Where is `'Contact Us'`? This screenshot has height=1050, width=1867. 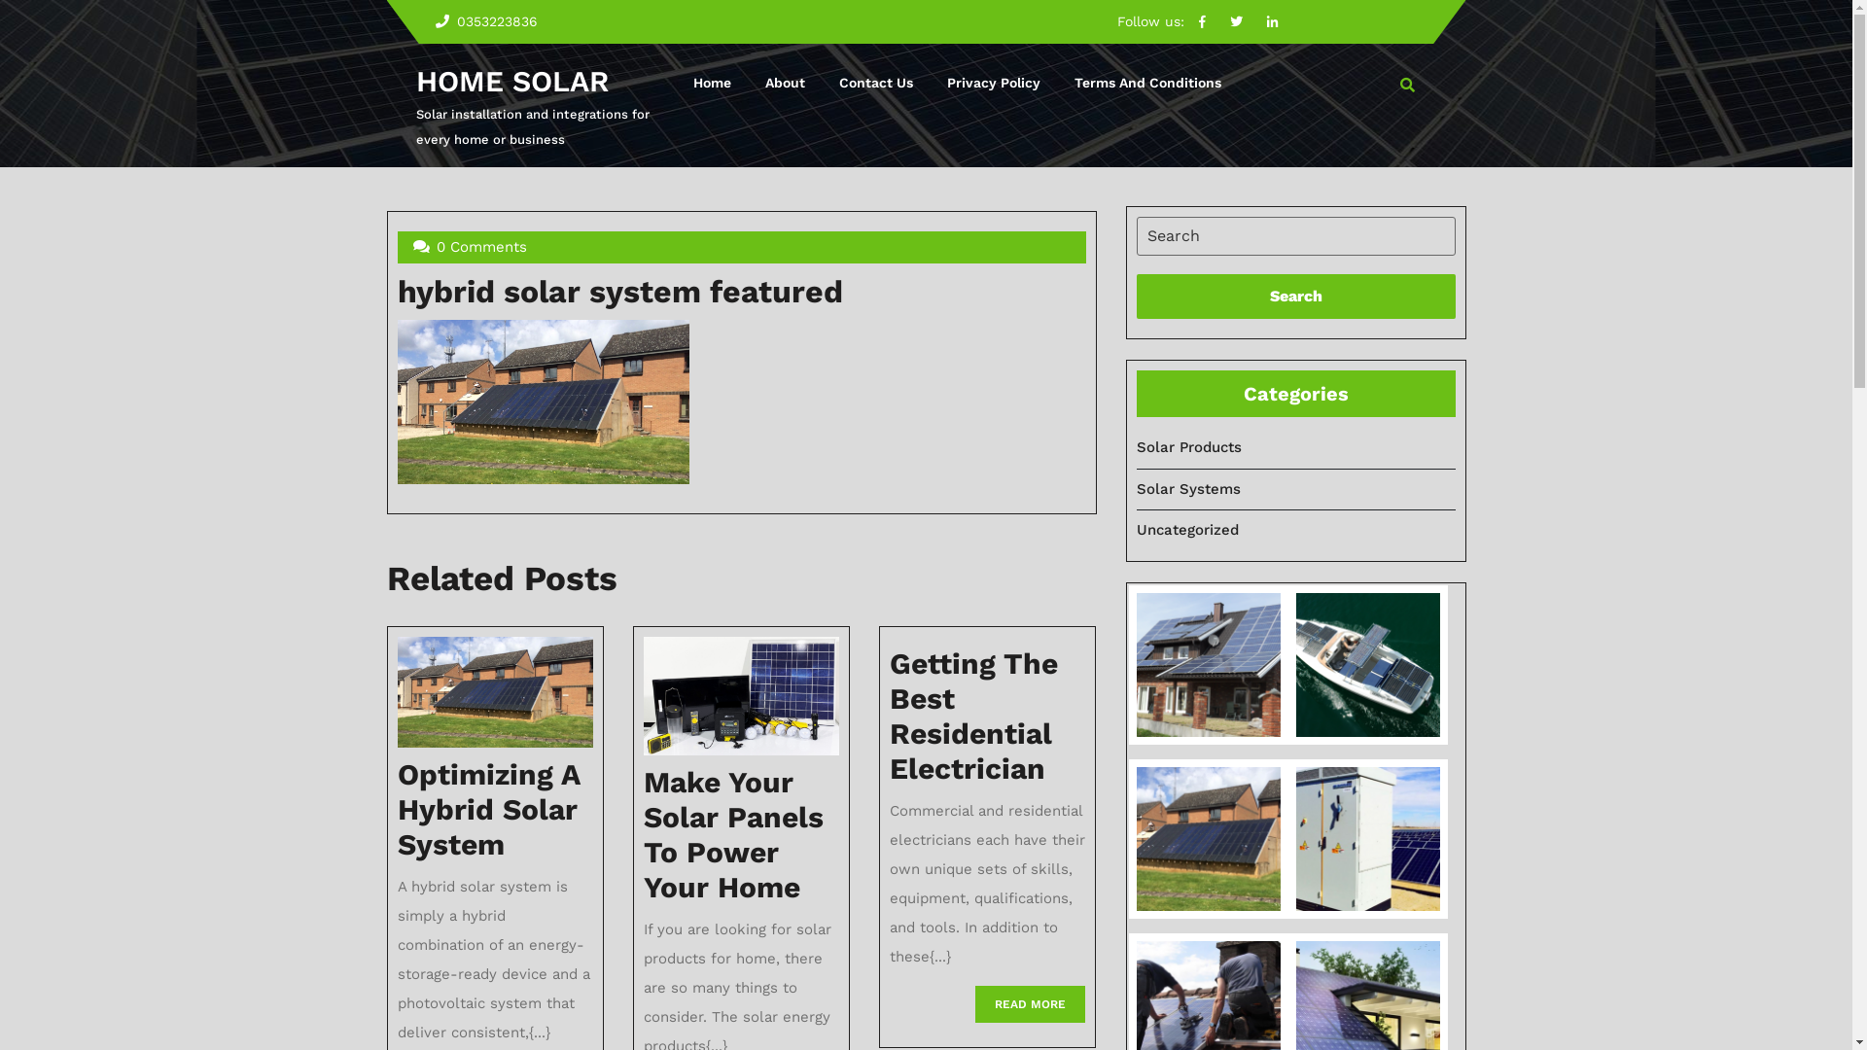 'Contact Us' is located at coordinates (875, 82).